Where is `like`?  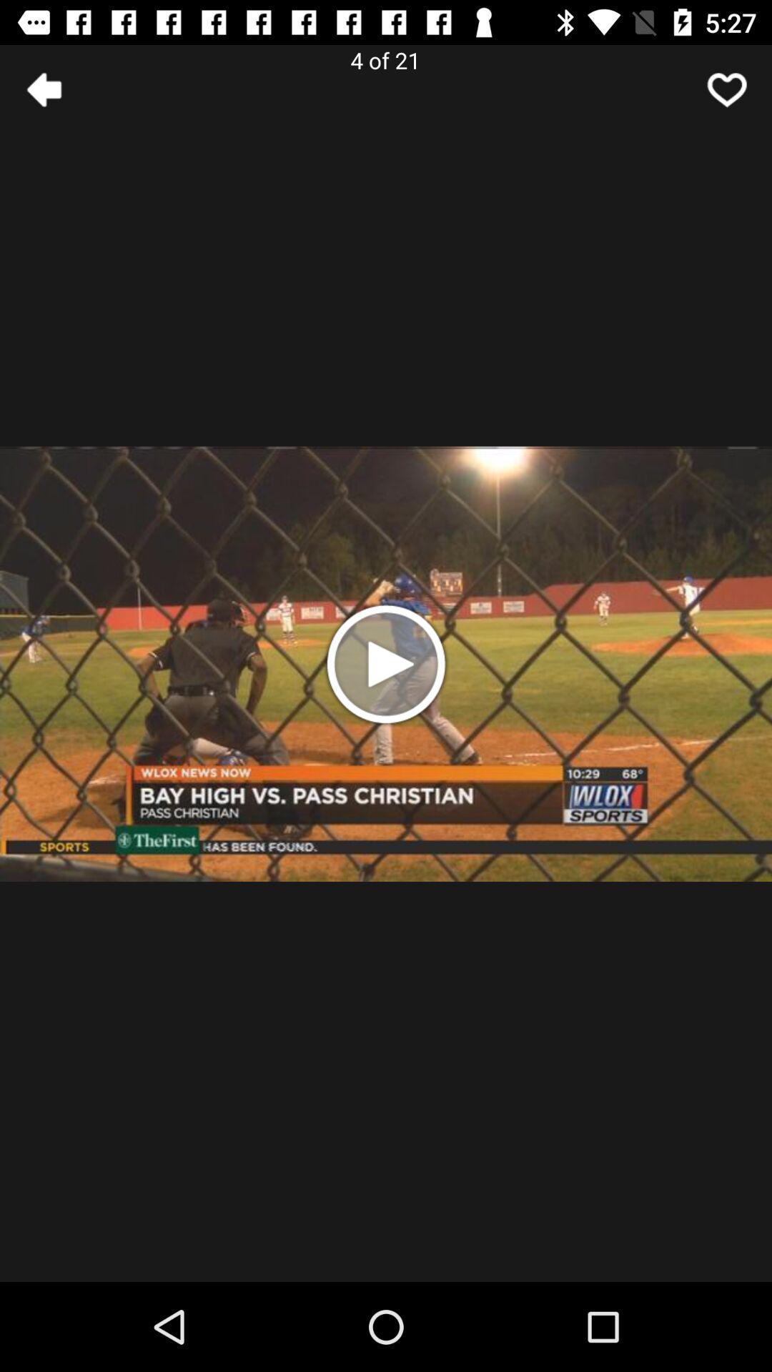
like is located at coordinates (727, 89).